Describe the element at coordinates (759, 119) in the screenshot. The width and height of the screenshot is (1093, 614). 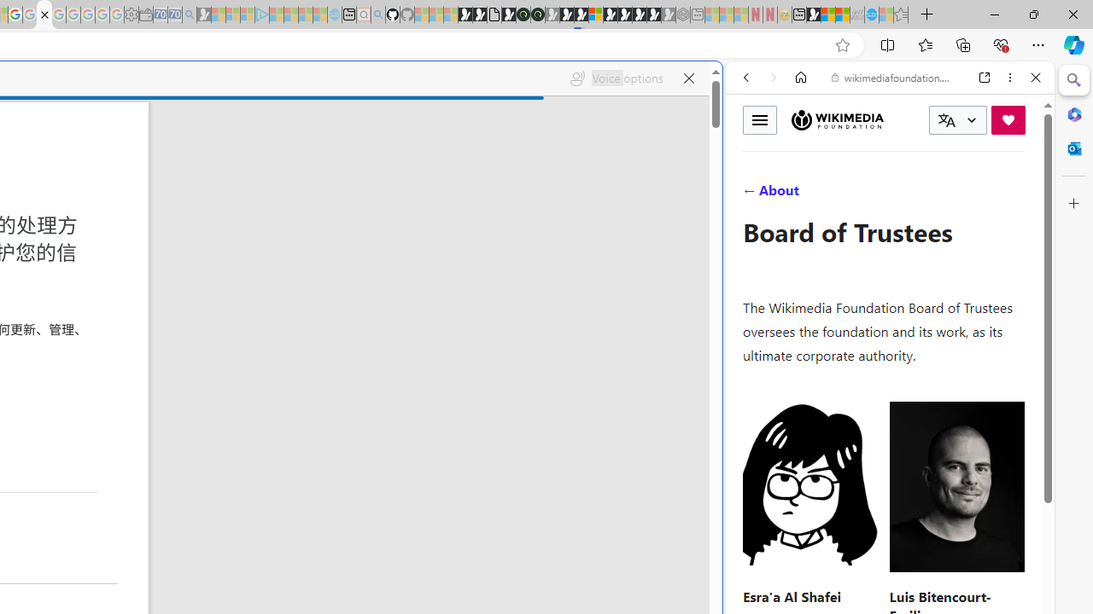
I see `'Toggle menu'` at that location.